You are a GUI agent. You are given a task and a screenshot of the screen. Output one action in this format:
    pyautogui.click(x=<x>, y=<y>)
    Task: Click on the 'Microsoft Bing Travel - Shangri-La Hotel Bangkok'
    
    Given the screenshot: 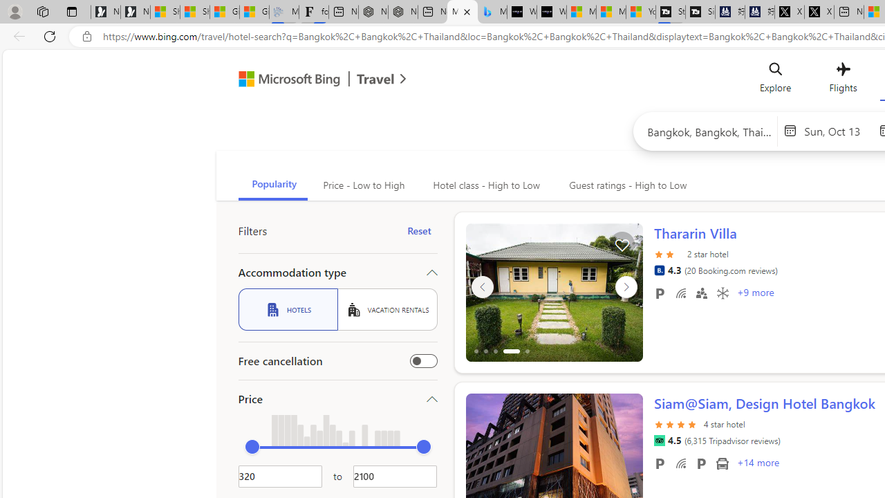 What is the action you would take?
    pyautogui.click(x=492, y=12)
    